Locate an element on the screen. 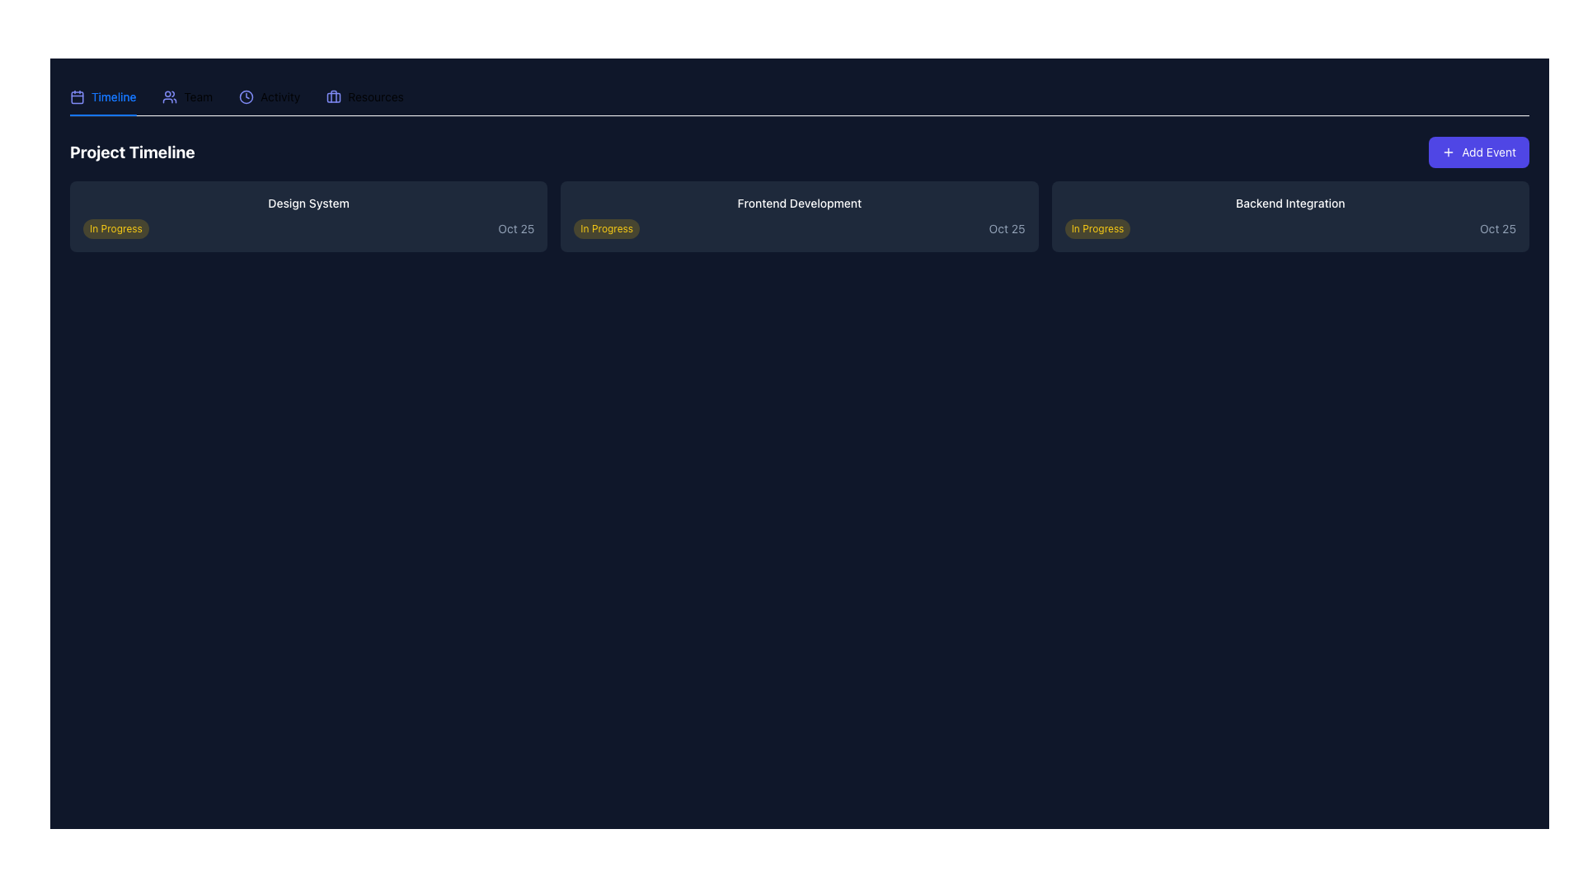 This screenshot has height=890, width=1583. the stylized plus icon located on the top right corner of the interface inside the purple button is located at coordinates (1448, 152).